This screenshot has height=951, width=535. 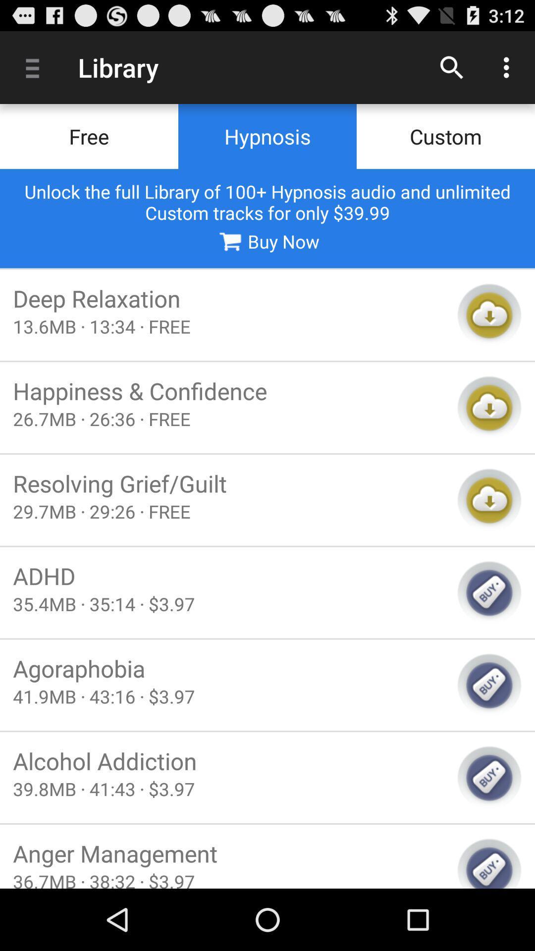 I want to click on download deep relaxation, so click(x=489, y=315).